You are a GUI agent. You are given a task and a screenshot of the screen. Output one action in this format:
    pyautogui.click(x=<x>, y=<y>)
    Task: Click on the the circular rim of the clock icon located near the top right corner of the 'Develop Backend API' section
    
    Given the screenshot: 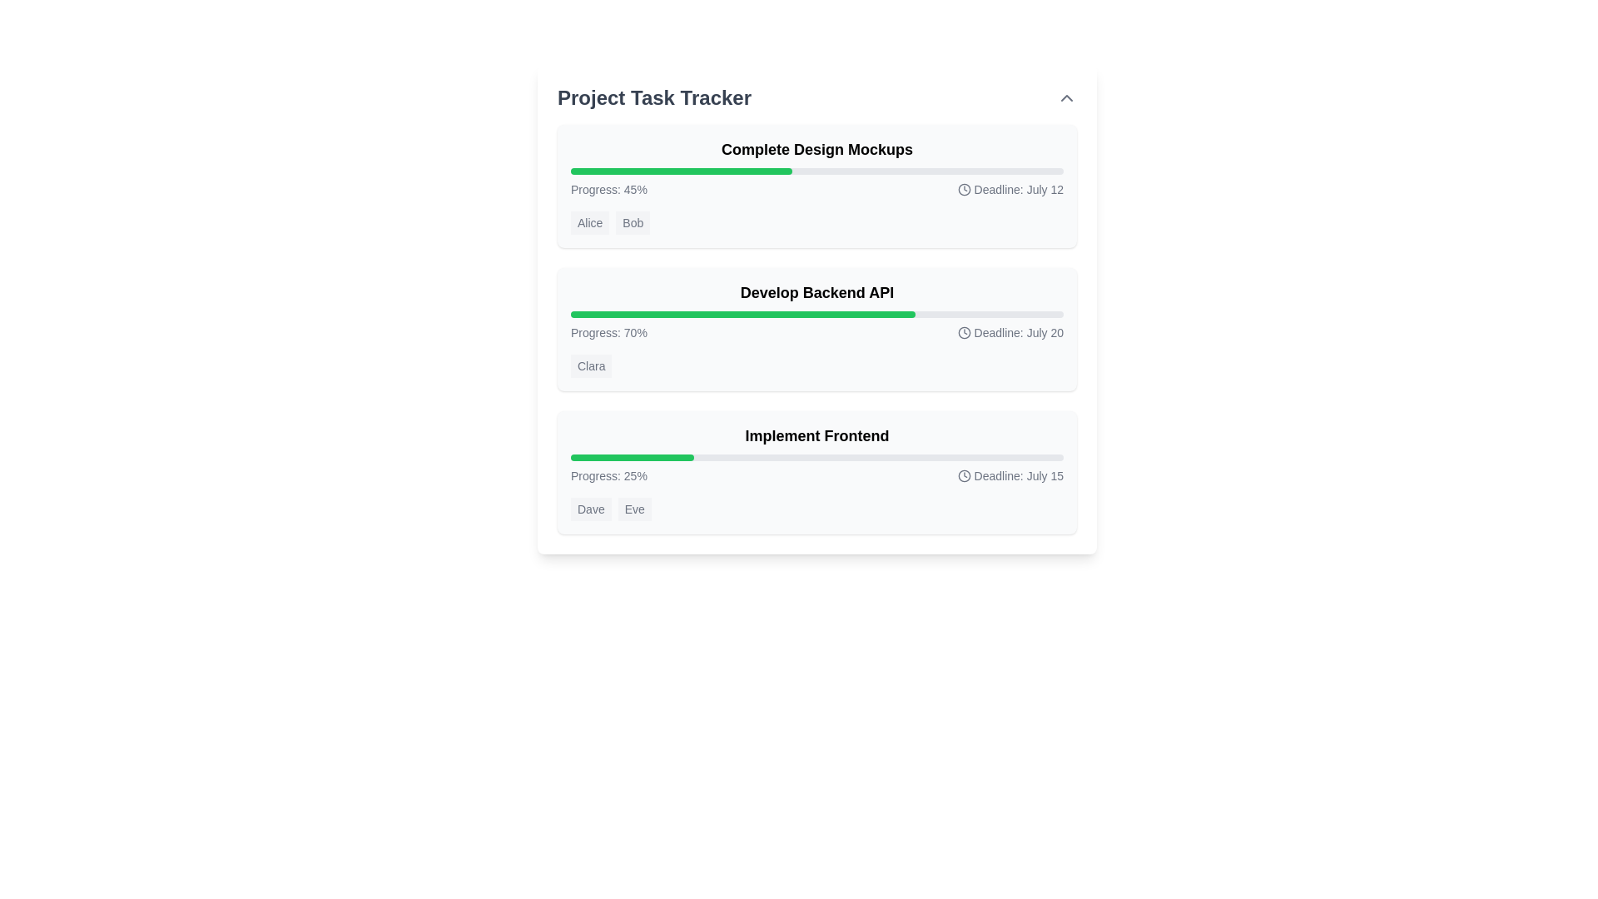 What is the action you would take?
    pyautogui.click(x=964, y=333)
    